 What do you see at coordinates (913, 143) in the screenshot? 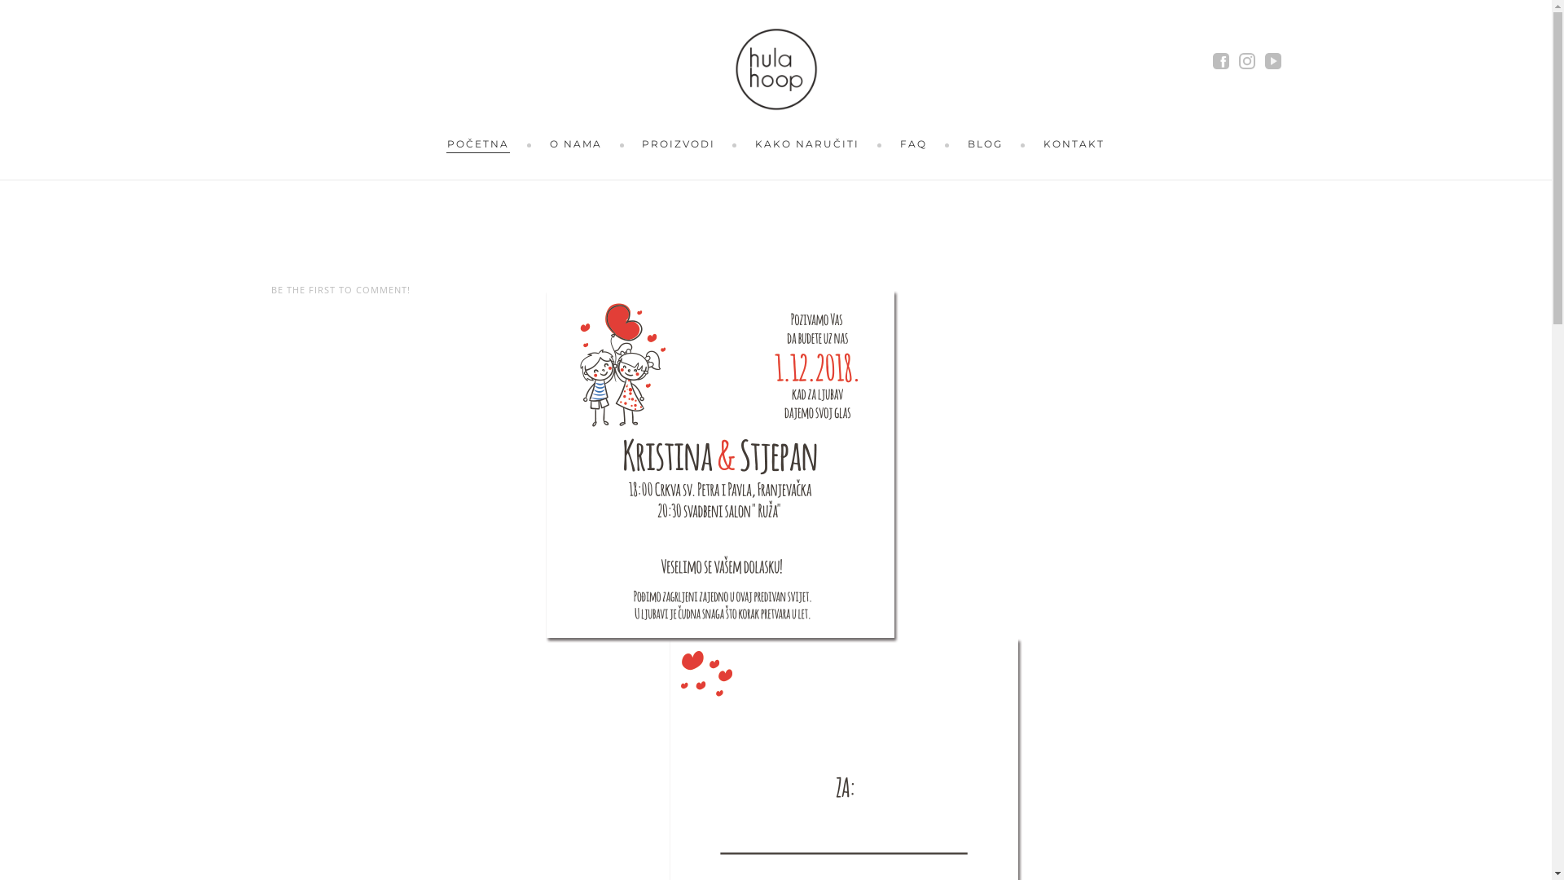
I see `'FAQ'` at bounding box center [913, 143].